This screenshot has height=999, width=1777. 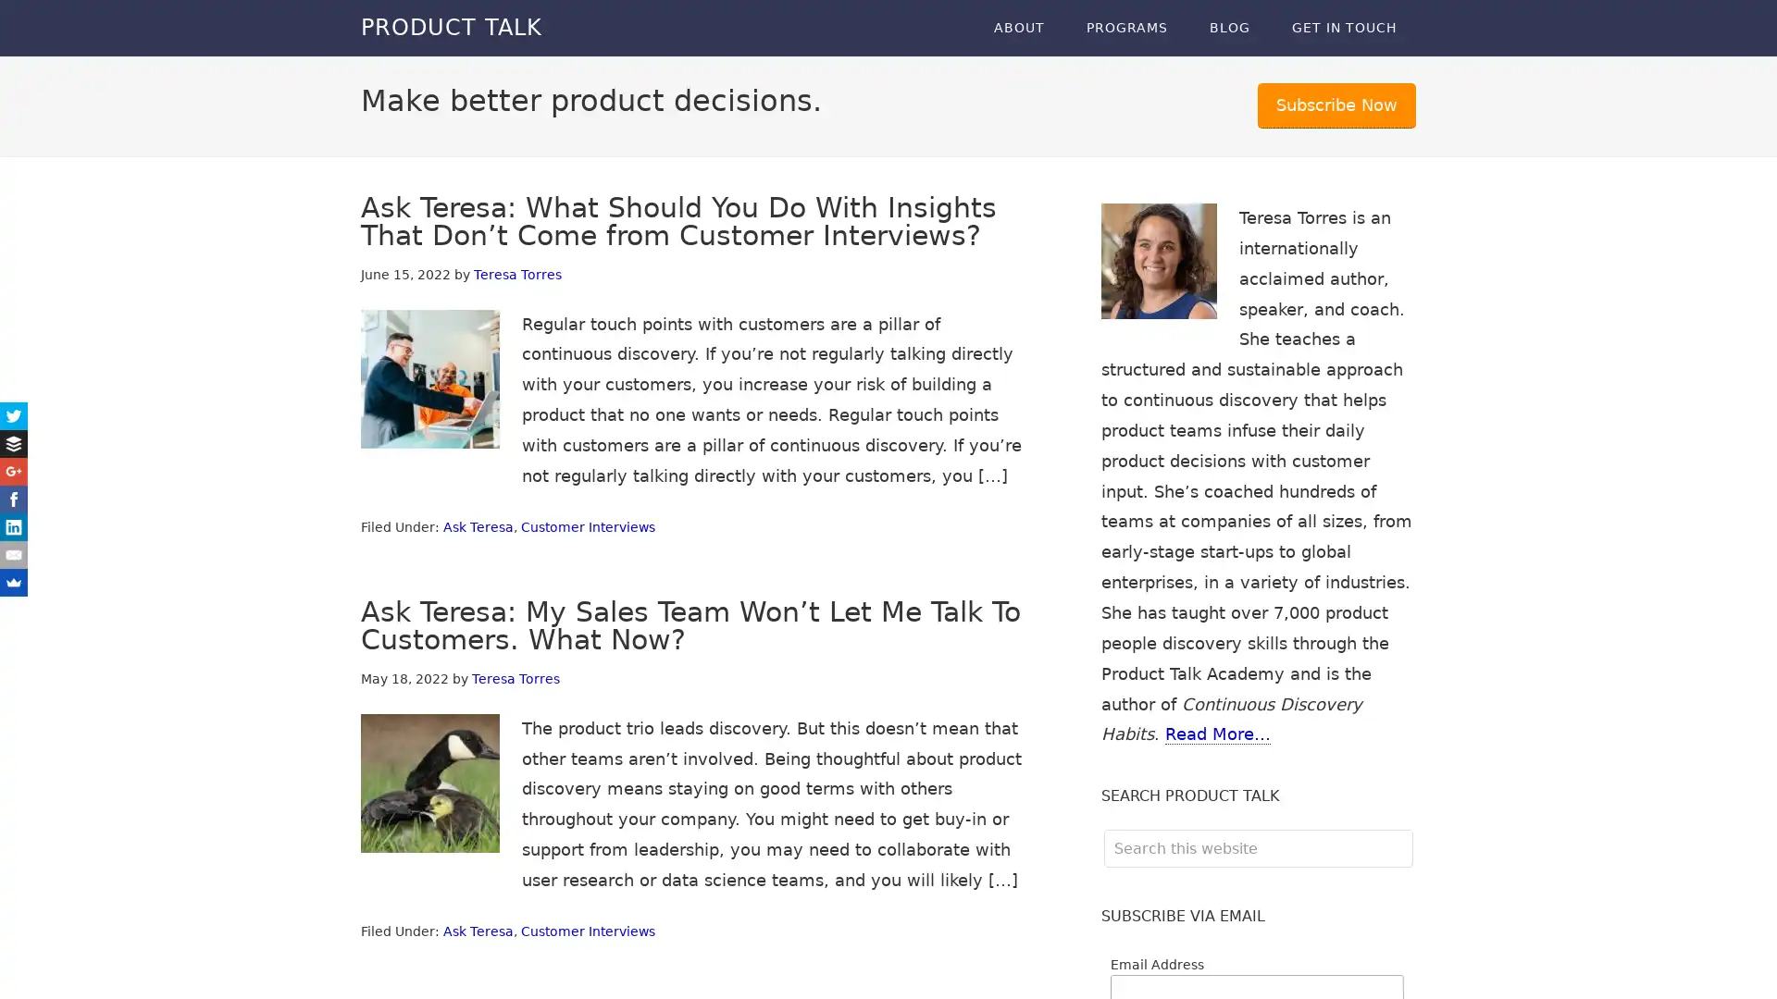 I want to click on Search, so click(x=1411, y=828).